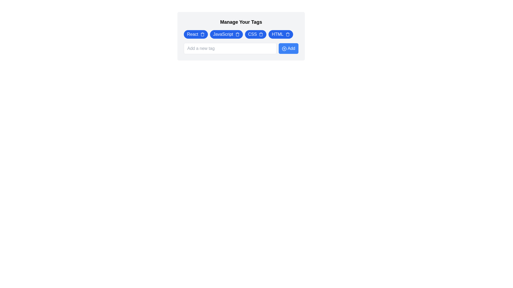 The image size is (513, 288). Describe the element at coordinates (284, 49) in the screenshot. I see `the decorative central circular stroke of the icon representing an action to add or include something related to tags, located to the right of the 'Add' button in the 'Manage Your Tags' interface` at that location.